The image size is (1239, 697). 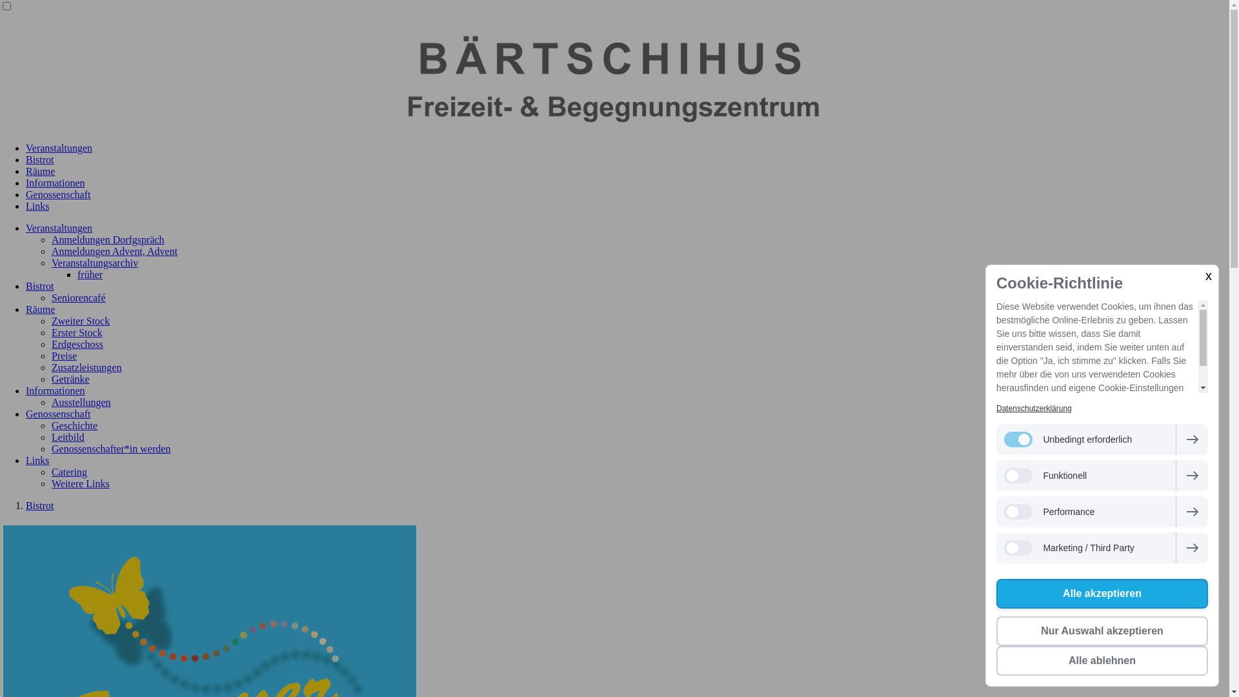 I want to click on 'Ausstellungen', so click(x=80, y=401).